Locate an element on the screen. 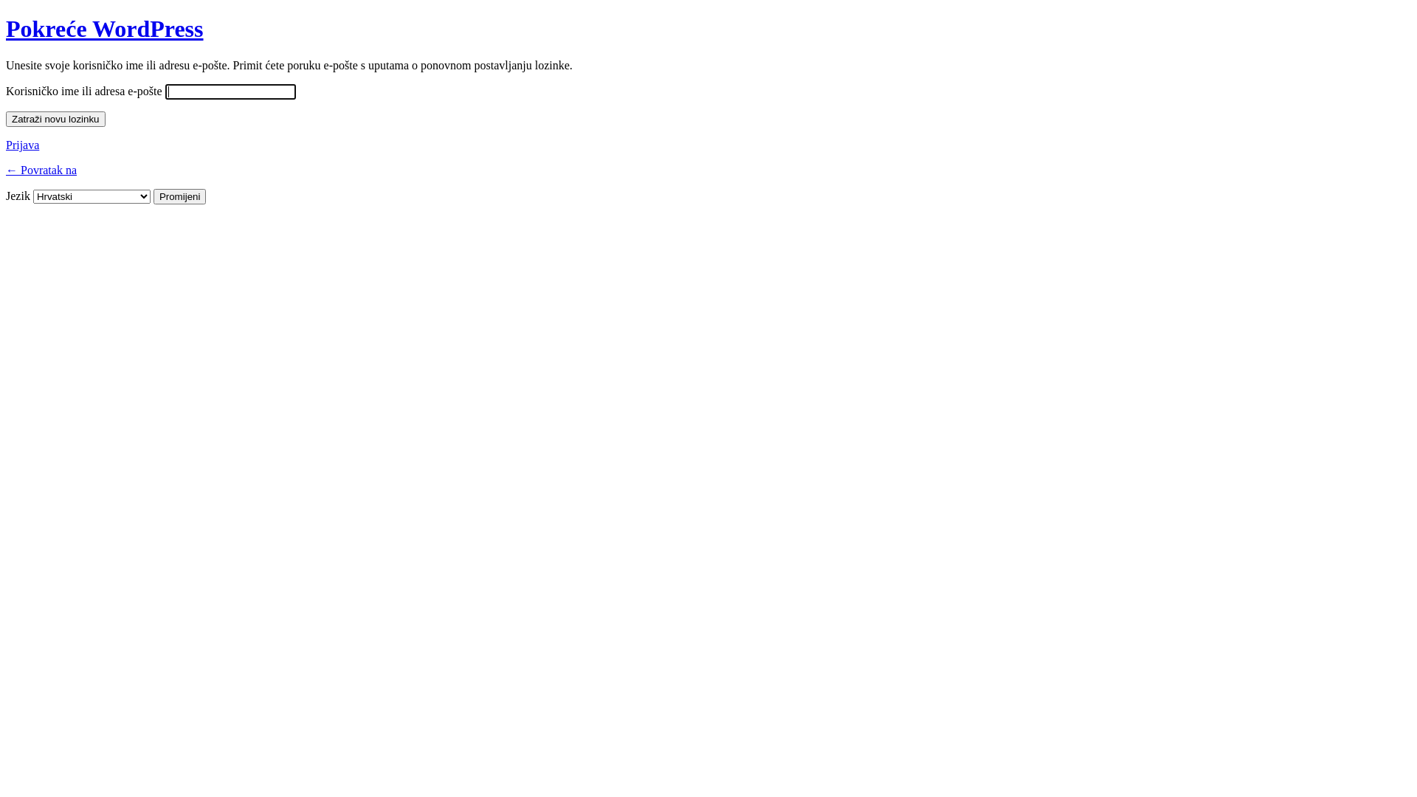 Image resolution: width=1417 pixels, height=797 pixels. 'Prijava' is located at coordinates (6, 145).